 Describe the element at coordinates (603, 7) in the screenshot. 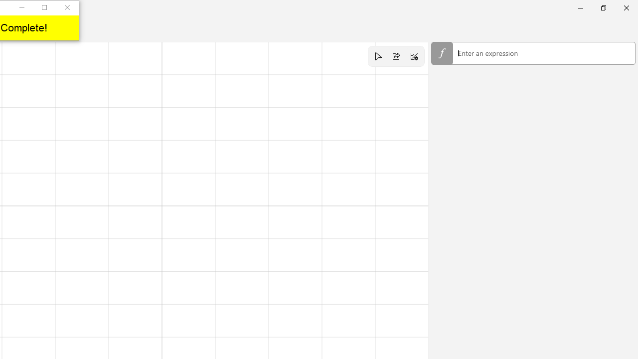

I see `'Restore Calculator'` at that location.